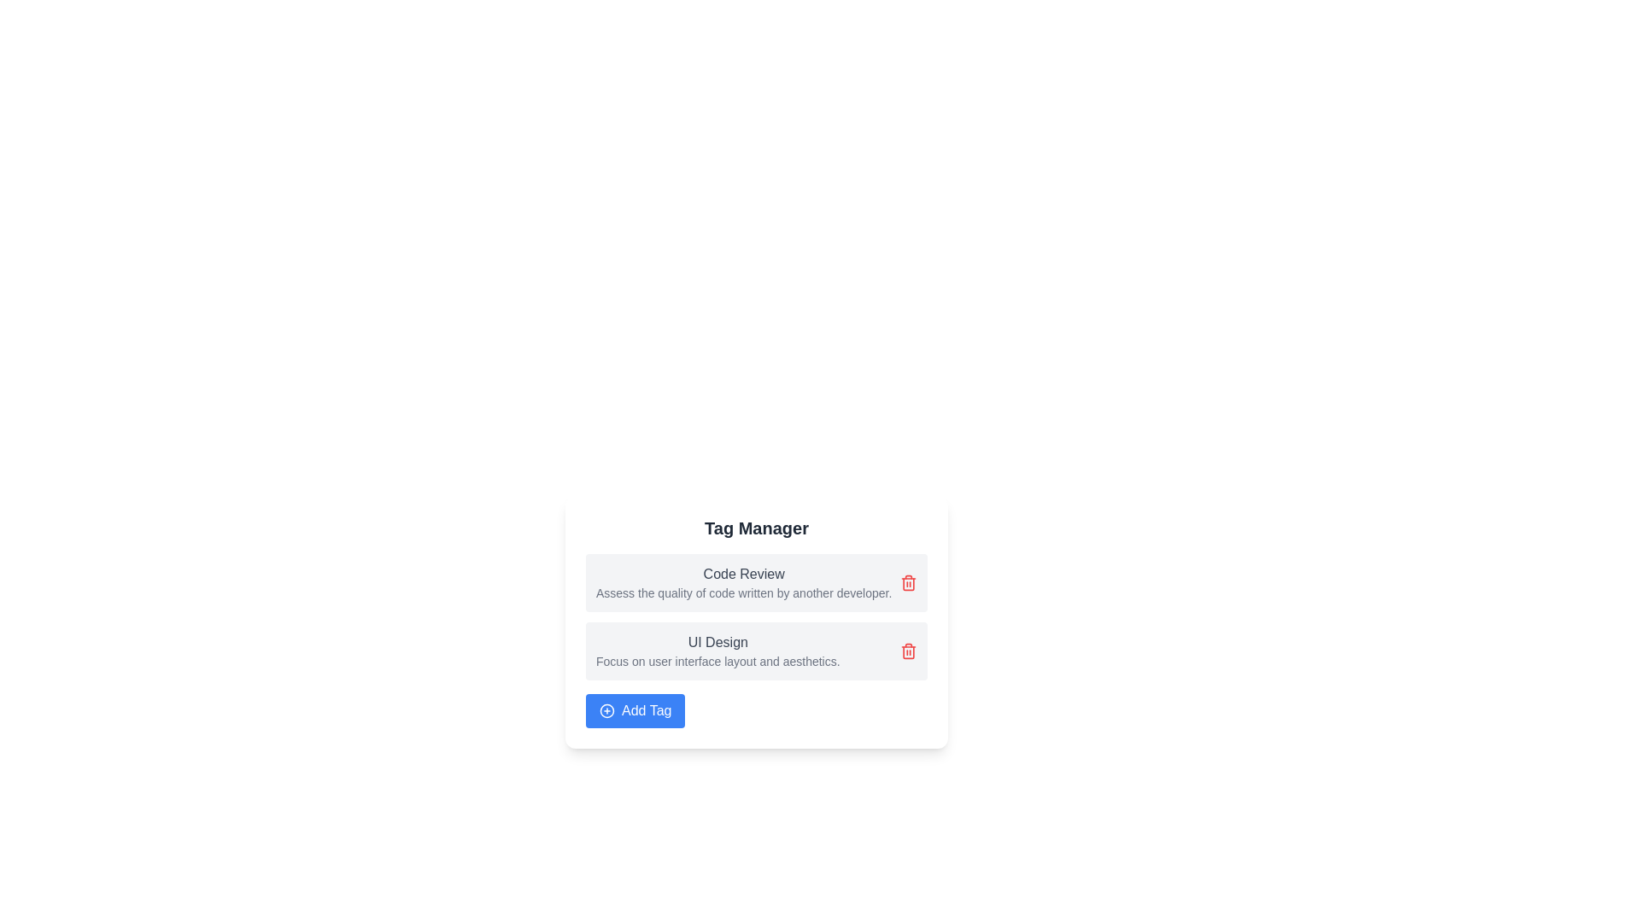 The width and height of the screenshot is (1640, 922). Describe the element at coordinates (606, 711) in the screenshot. I see `the circle SVG element that is part of the 'Add Tag' button in the 'Tag Manager' interface by hovering over its center` at that location.